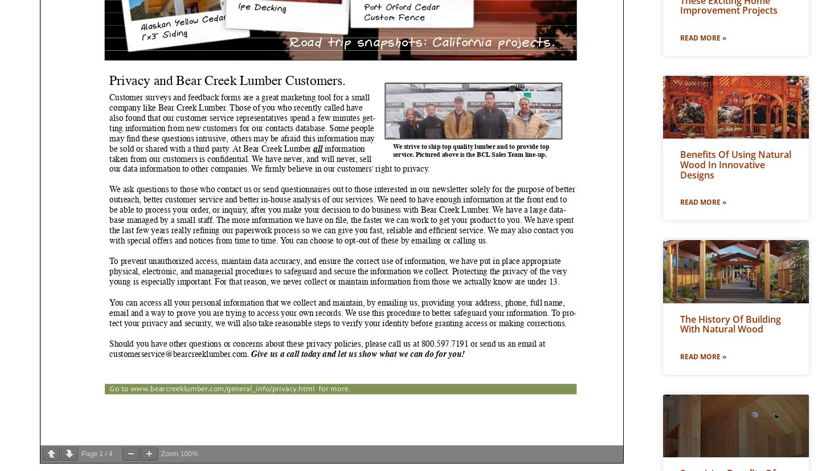 The width and height of the screenshot is (826, 471). Describe the element at coordinates (100, 454) in the screenshot. I see `'1'` at that location.